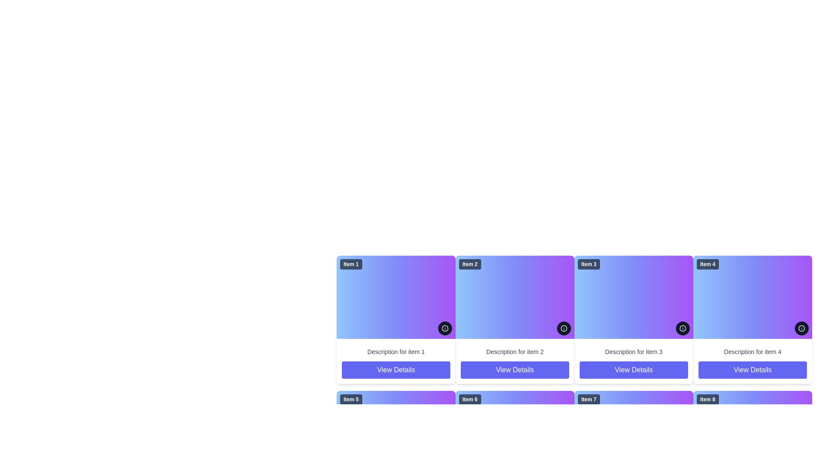  What do you see at coordinates (682, 328) in the screenshot?
I see `the circular button with an info symbol located in the bottom-right corner of the card labeled 'Item 3'` at bounding box center [682, 328].